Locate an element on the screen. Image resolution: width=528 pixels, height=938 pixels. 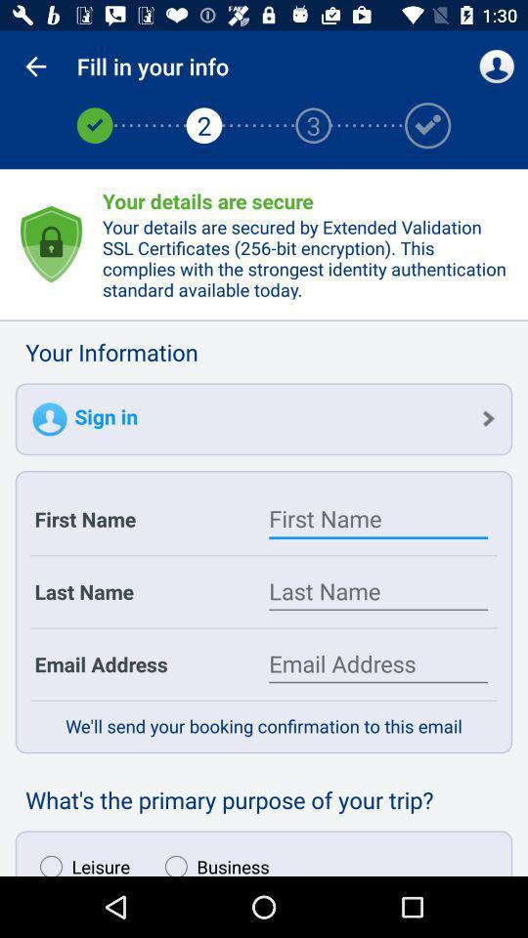
the leisure is located at coordinates (79, 860).